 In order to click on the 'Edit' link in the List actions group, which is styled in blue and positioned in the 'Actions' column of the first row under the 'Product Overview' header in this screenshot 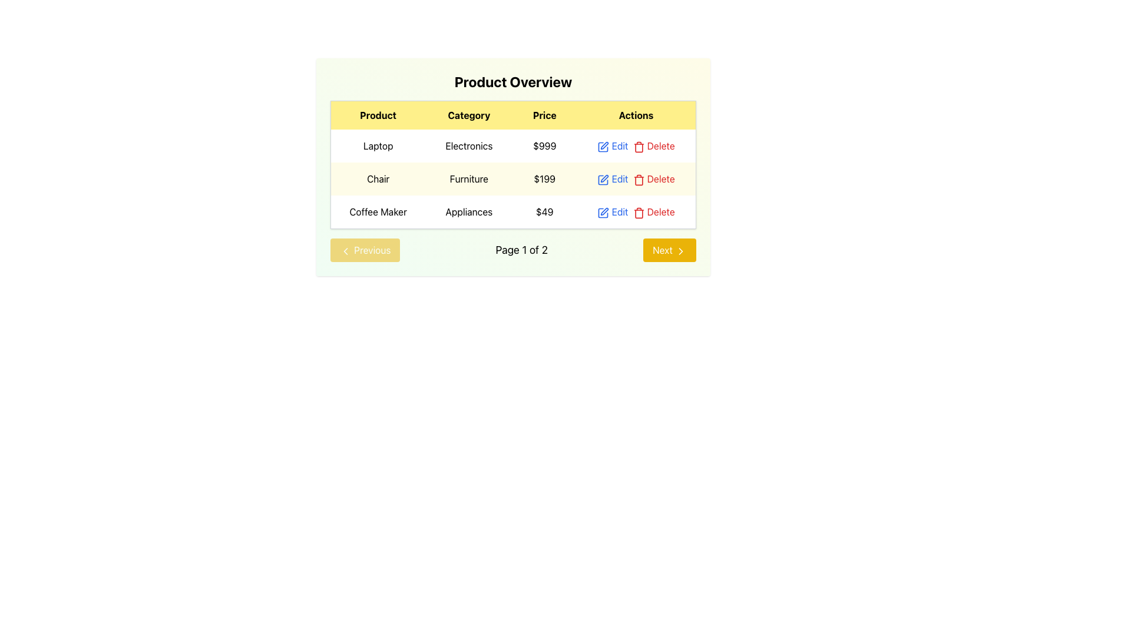, I will do `click(636, 145)`.